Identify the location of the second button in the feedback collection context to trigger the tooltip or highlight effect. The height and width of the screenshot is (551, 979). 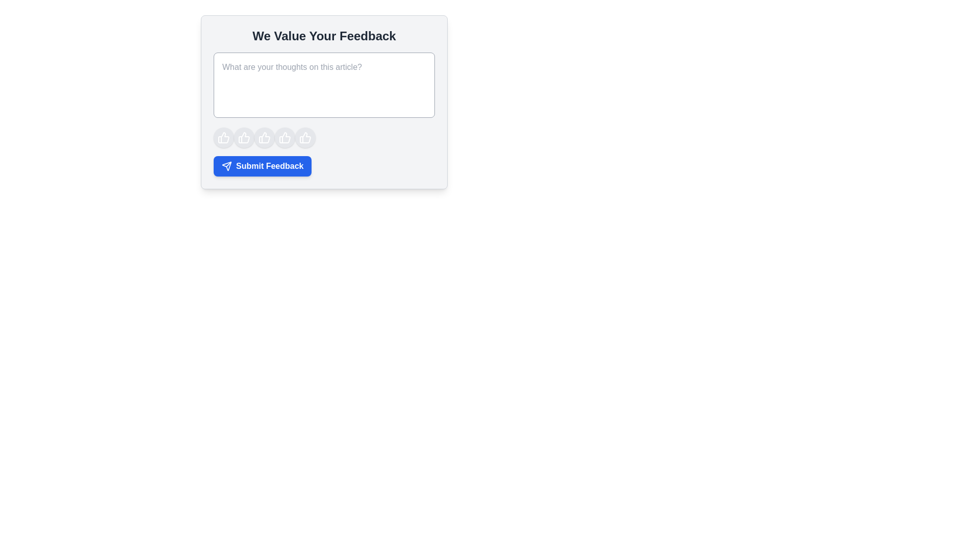
(244, 138).